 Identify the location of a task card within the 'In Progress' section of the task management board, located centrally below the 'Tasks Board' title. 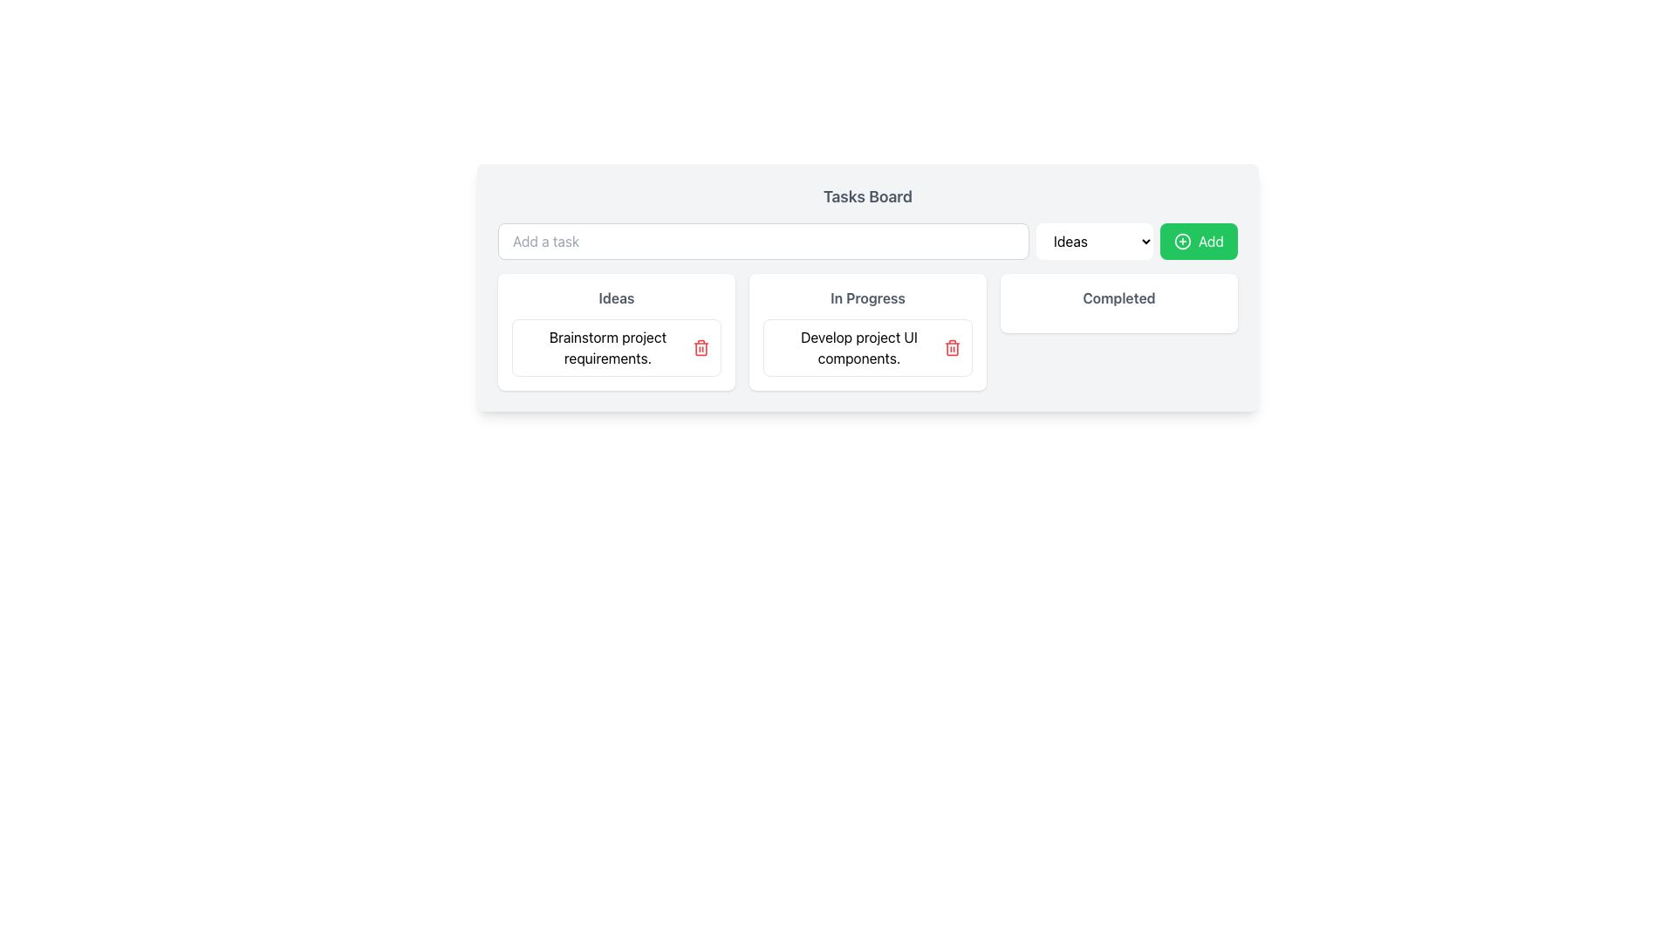
(867, 332).